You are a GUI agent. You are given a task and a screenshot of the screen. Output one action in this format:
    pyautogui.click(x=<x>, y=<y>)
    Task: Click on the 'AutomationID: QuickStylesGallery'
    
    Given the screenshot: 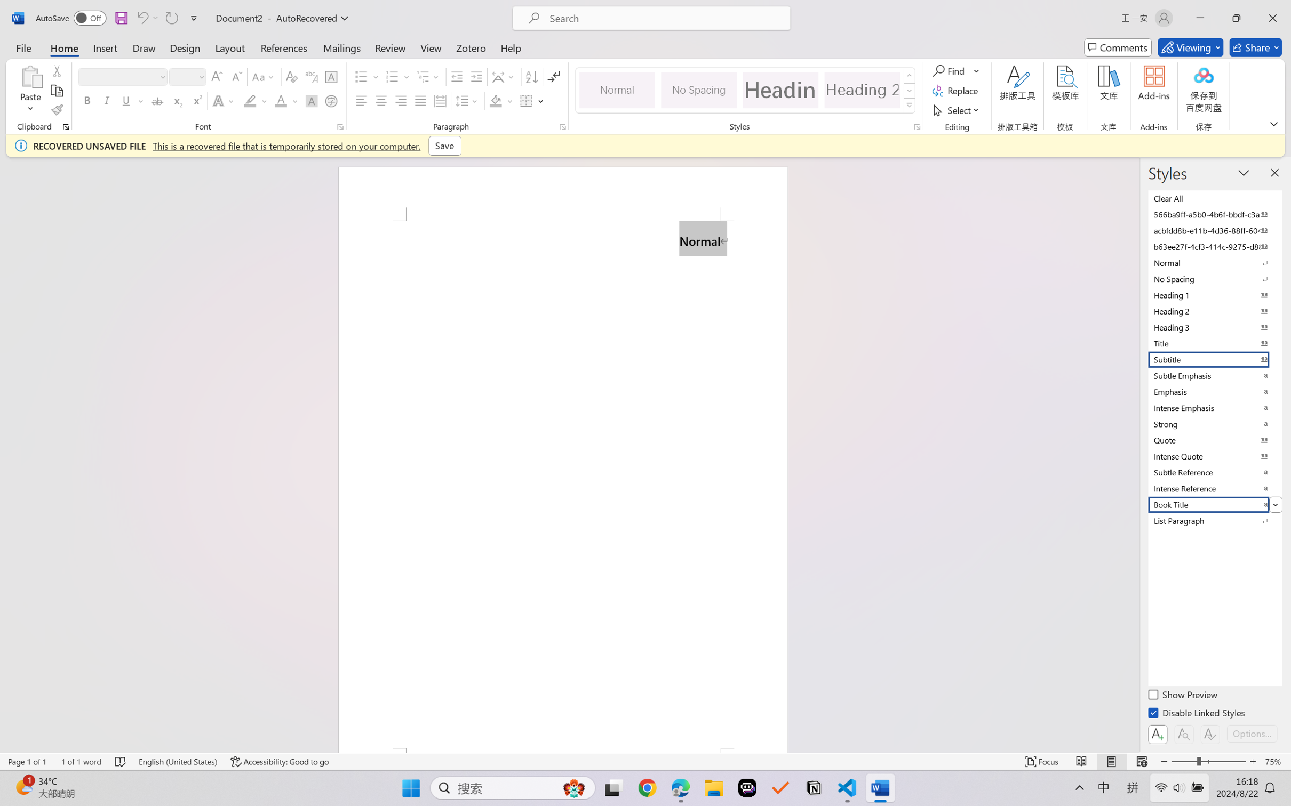 What is the action you would take?
    pyautogui.click(x=745, y=91)
    